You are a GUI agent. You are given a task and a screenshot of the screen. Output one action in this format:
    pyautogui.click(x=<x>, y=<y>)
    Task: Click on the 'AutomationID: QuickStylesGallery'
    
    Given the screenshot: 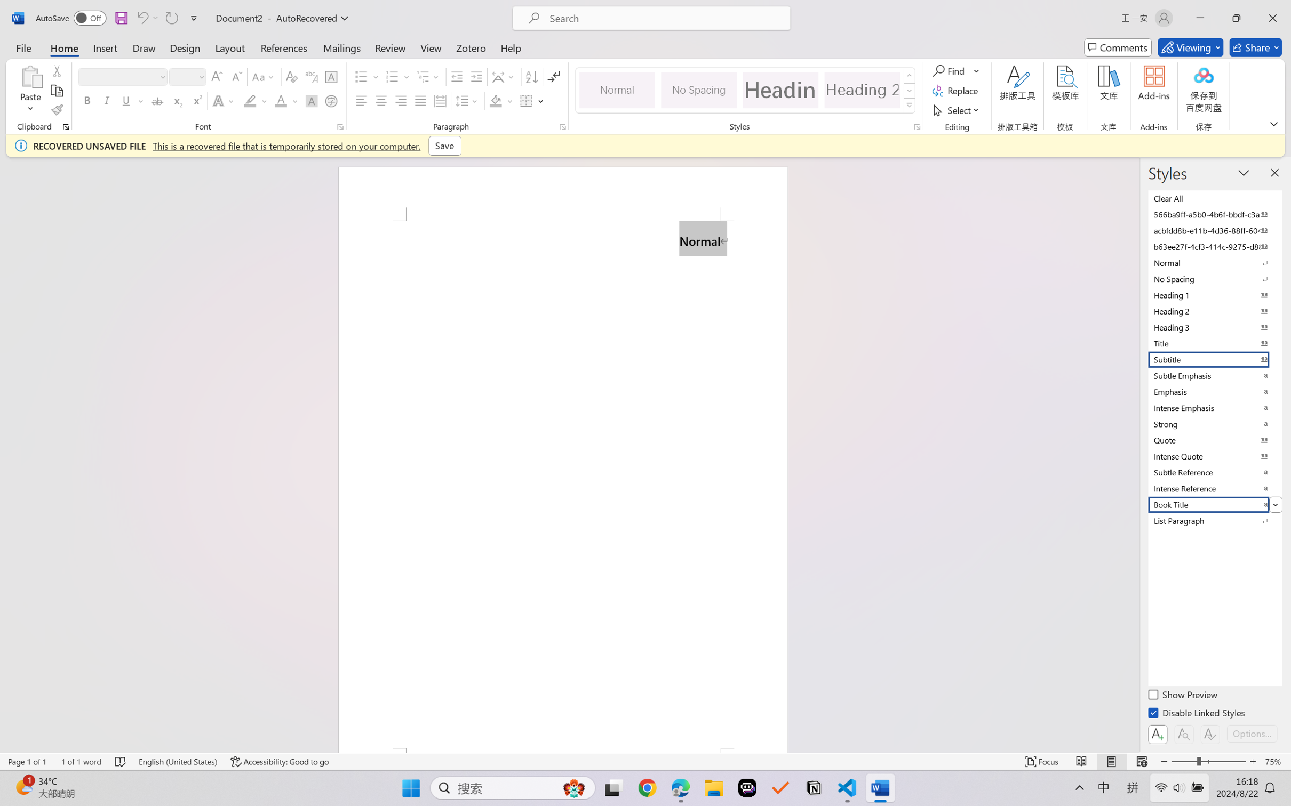 What is the action you would take?
    pyautogui.click(x=745, y=91)
    